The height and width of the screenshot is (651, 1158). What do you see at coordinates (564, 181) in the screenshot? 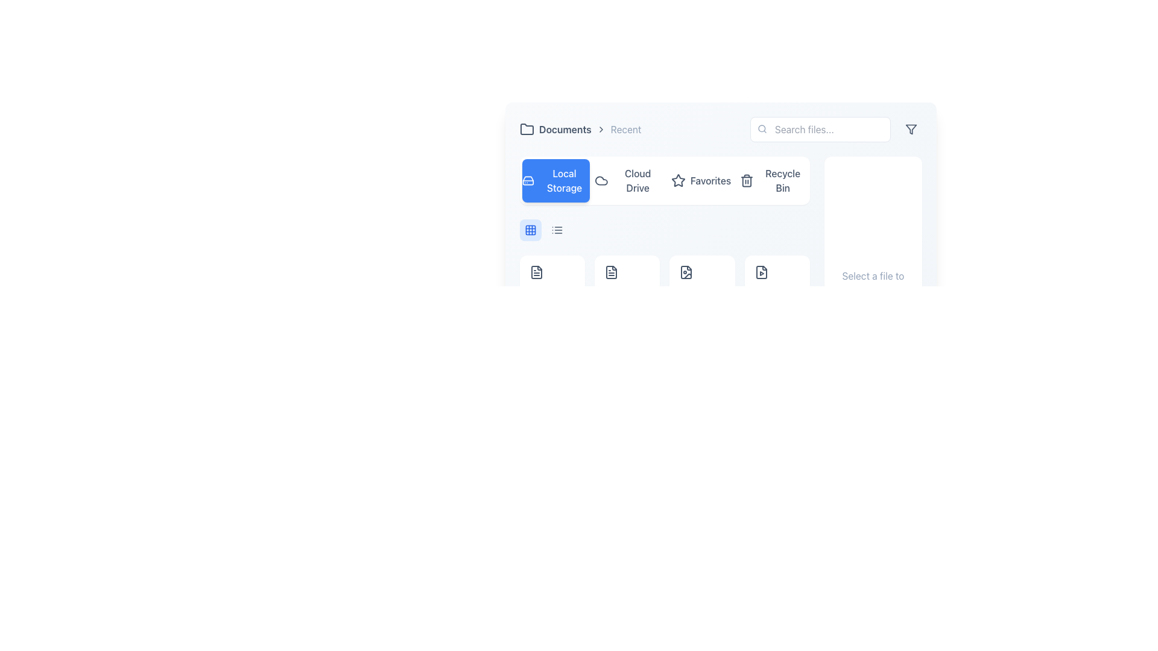
I see `the 'Local Storage' label text element, which is part of a button positioned at the top-left section of the interface and located to the right of a hard drive icon` at bounding box center [564, 181].